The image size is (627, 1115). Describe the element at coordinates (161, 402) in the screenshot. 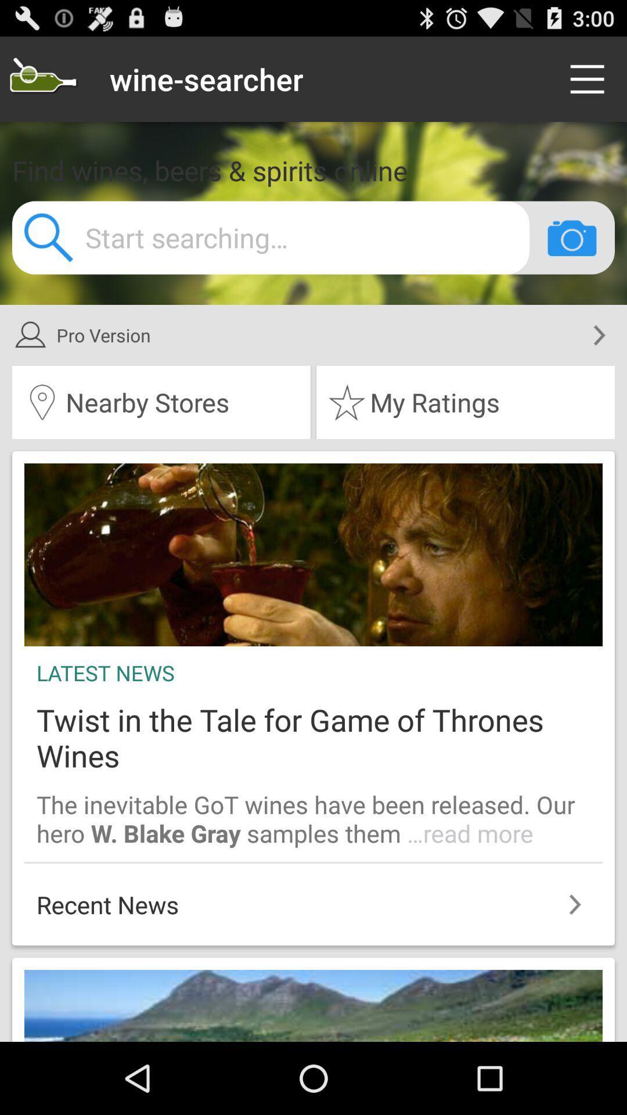

I see `the nearby stores item` at that location.